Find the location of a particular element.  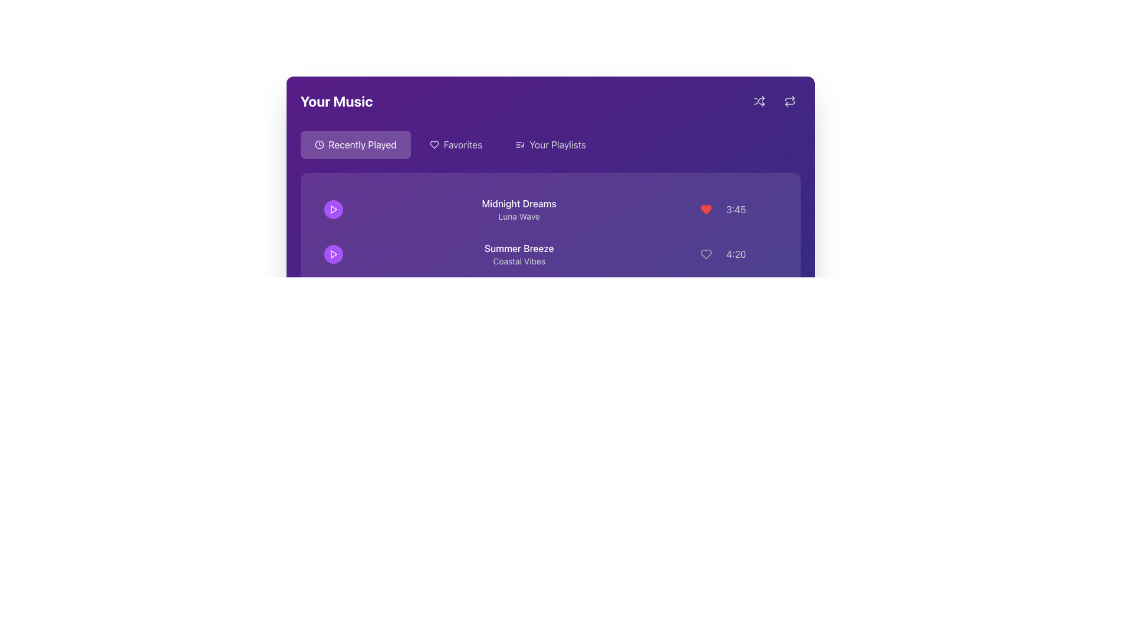

the playlist icon located in the 'Your Playlists' section, positioned to the left of the text label is located at coordinates (519, 144).